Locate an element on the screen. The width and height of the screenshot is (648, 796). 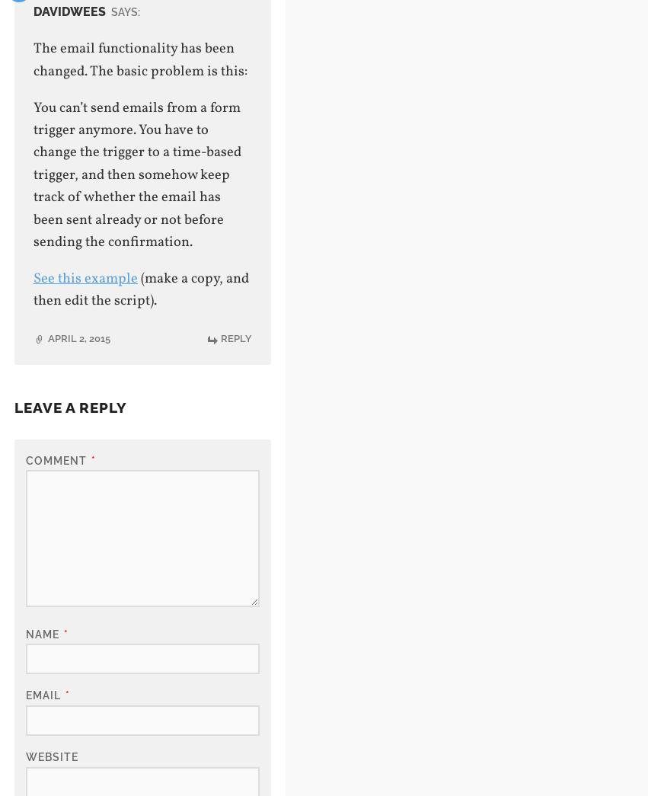
'(make a copy, and then edit the script).' is located at coordinates (139, 289).